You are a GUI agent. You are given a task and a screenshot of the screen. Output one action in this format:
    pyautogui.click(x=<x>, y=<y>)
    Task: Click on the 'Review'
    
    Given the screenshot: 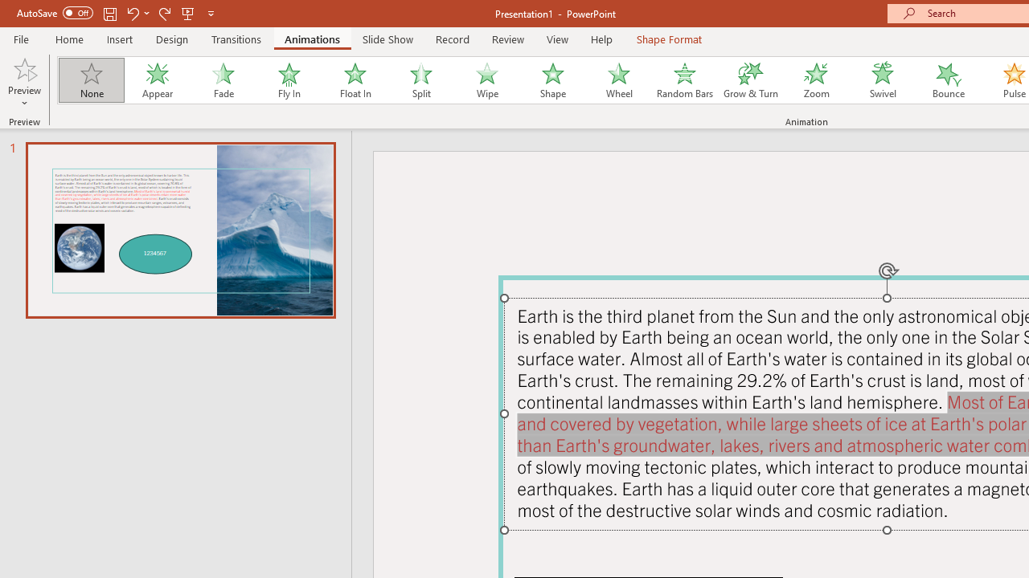 What is the action you would take?
    pyautogui.click(x=506, y=39)
    